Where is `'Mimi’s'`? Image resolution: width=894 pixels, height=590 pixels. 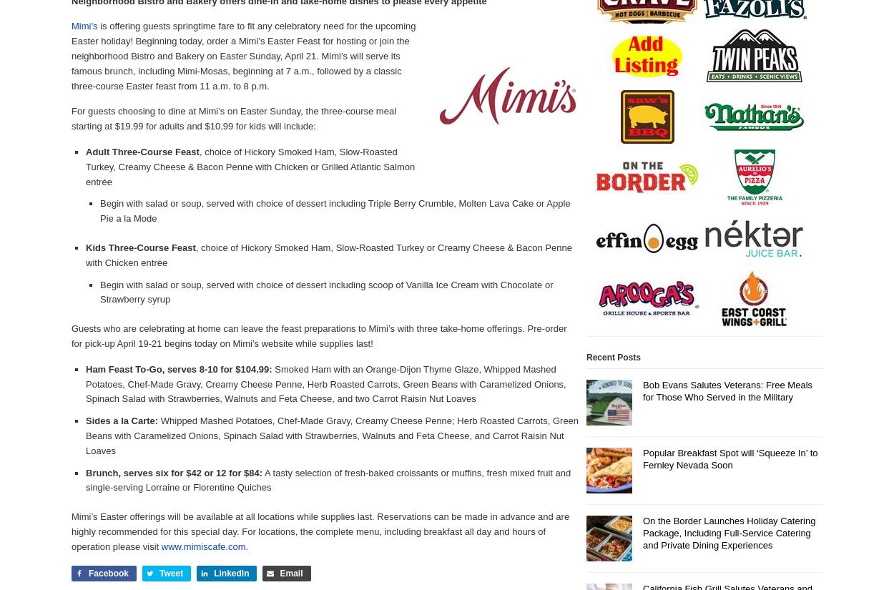
'Mimi’s' is located at coordinates (84, 26).